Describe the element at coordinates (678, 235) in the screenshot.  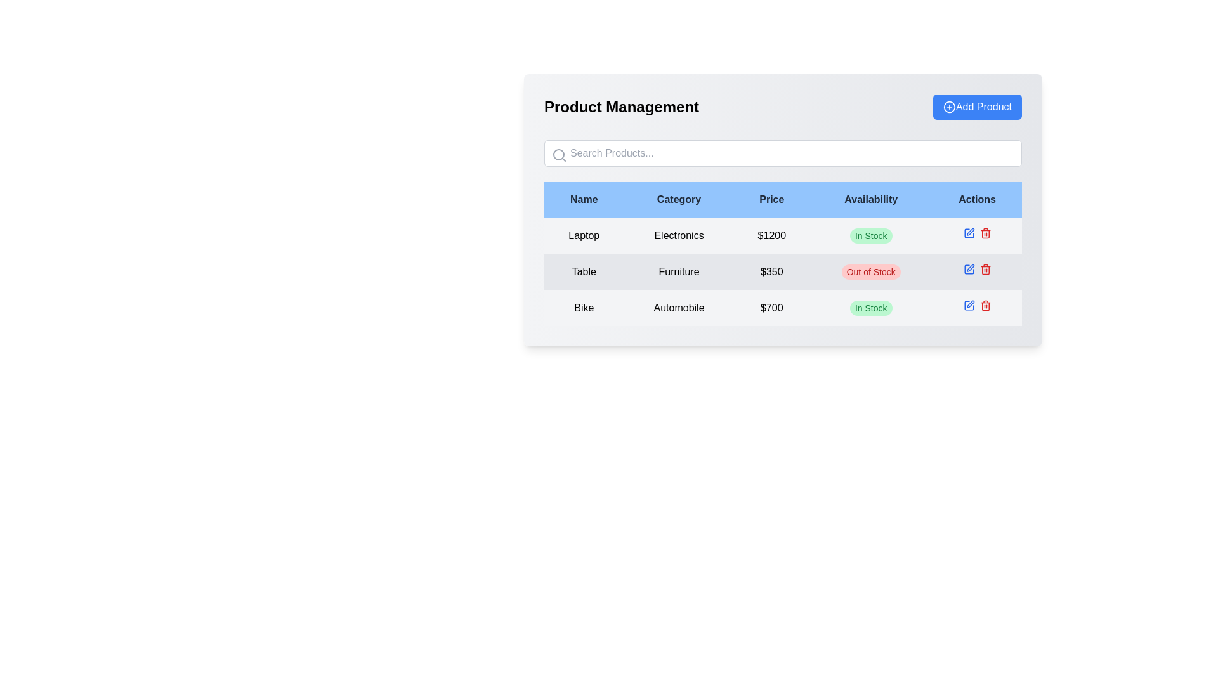
I see `the static text label displaying 'Electronics', which is part of a tabular arrangement and positioned between 'Laptop' and '$1200'` at that location.